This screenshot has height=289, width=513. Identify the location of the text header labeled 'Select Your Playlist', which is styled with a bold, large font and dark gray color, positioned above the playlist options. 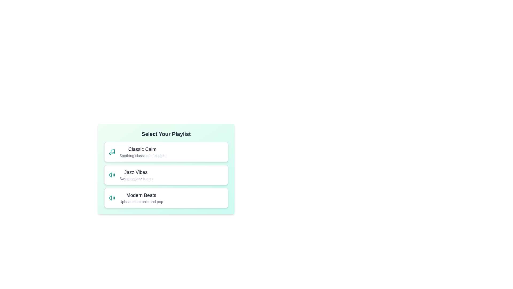
(166, 134).